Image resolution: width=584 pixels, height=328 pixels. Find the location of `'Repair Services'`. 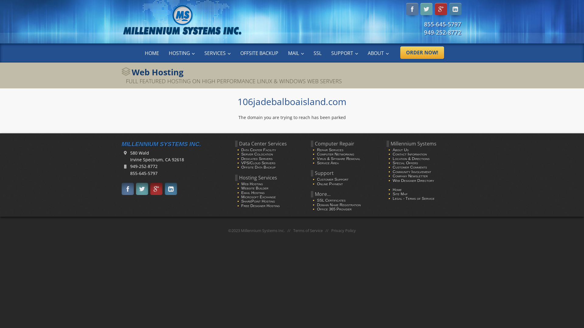

'Repair Services' is located at coordinates (330, 150).